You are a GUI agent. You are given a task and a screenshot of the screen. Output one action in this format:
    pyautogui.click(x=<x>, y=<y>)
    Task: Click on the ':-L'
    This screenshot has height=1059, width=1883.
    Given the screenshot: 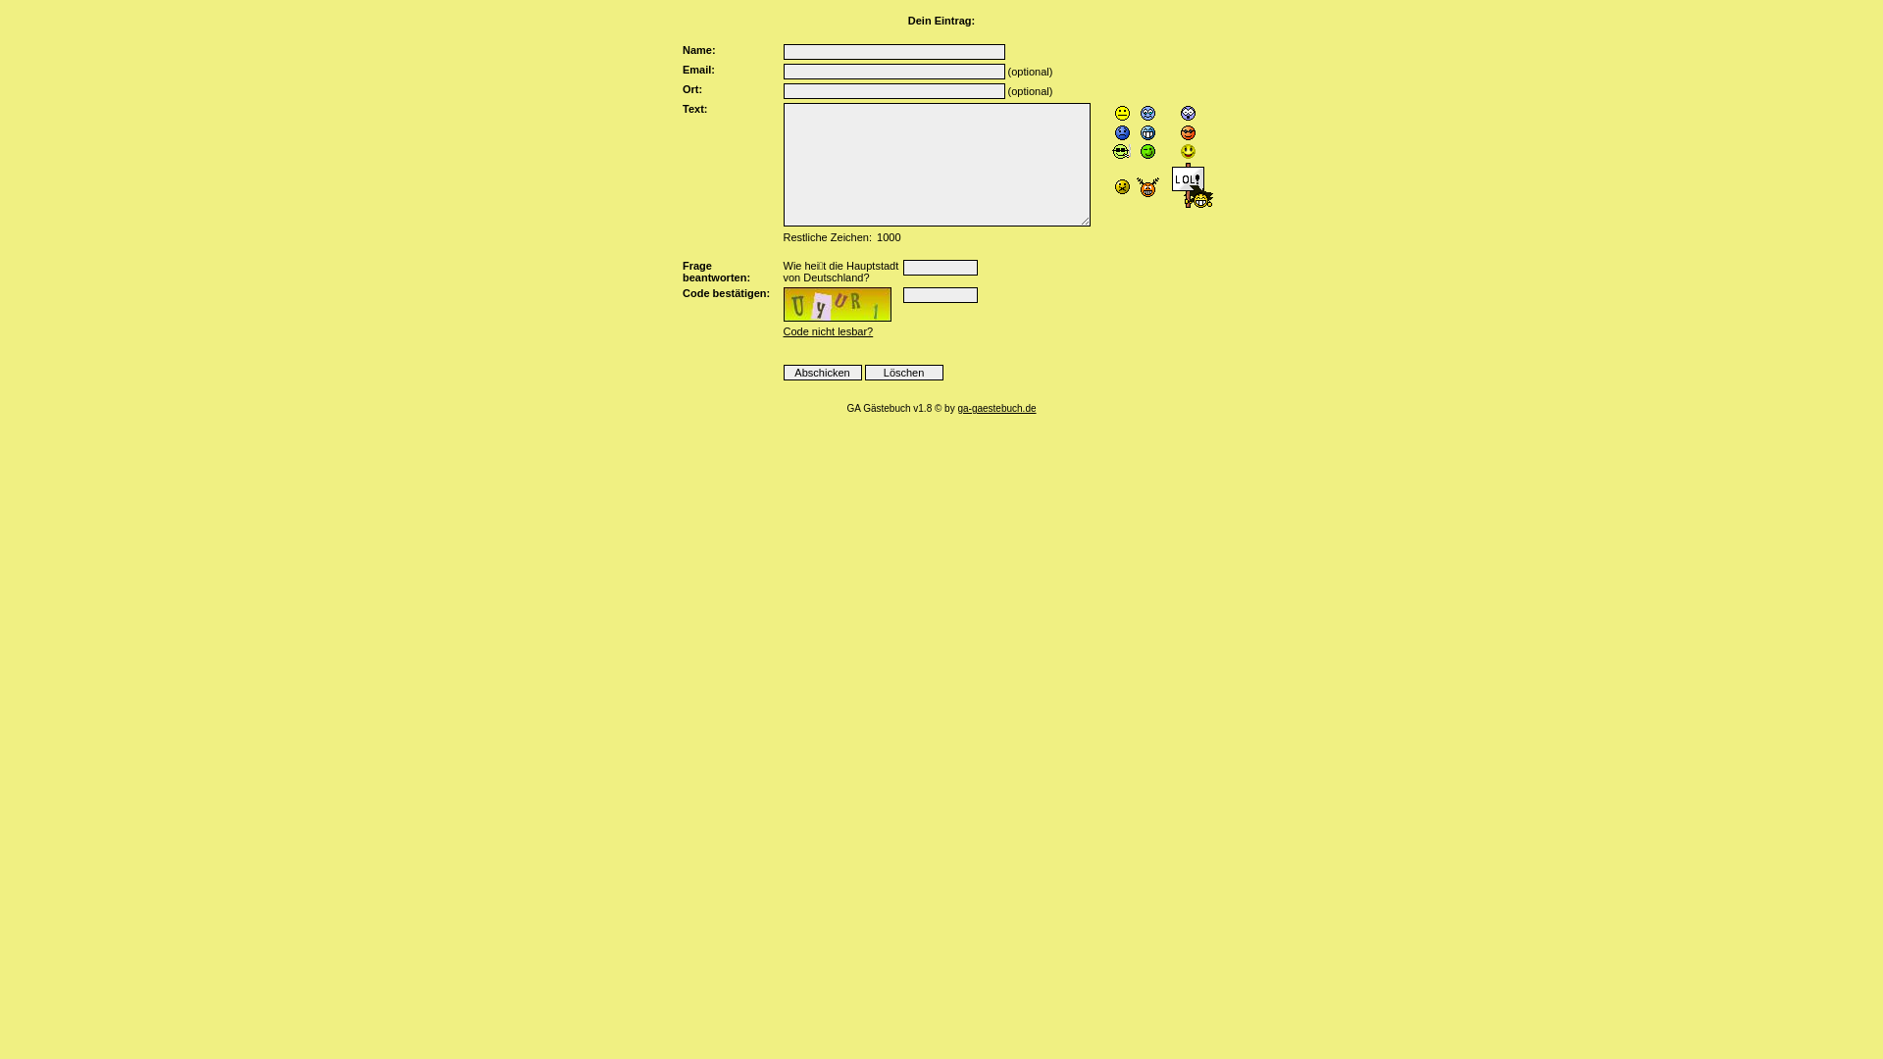 What is the action you would take?
    pyautogui.click(x=1122, y=150)
    